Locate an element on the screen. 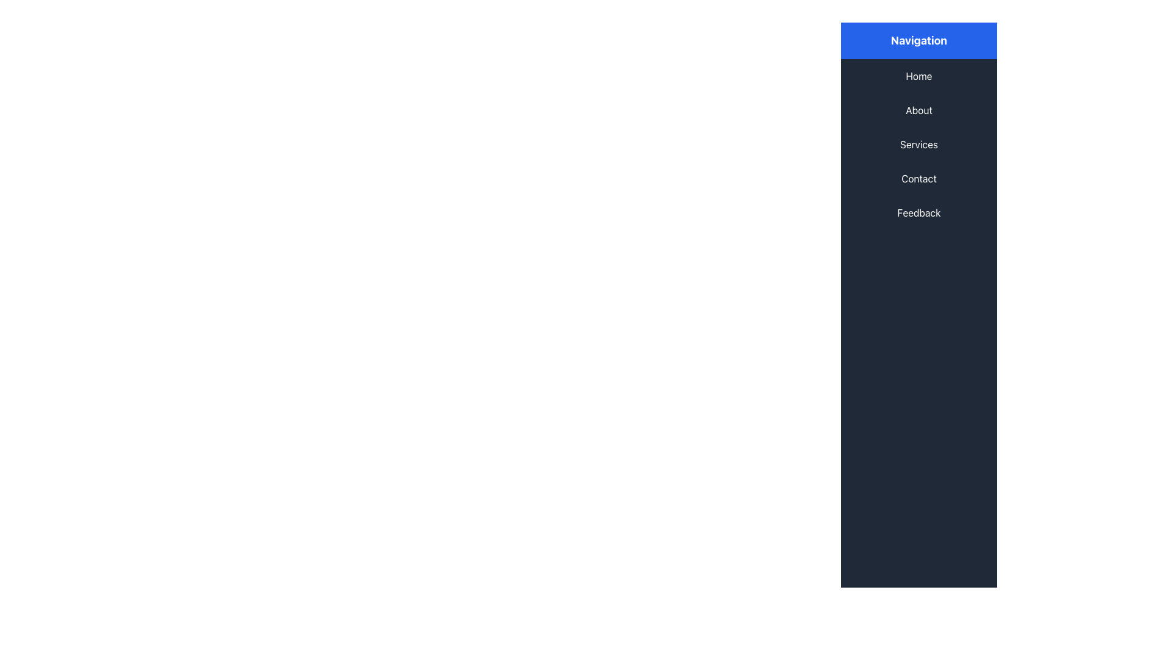 This screenshot has width=1171, height=659. the Static text header with bold 'Navigation' text, which is located at the top of the vertical sidebar layout, above the navigation links is located at coordinates (919, 40).